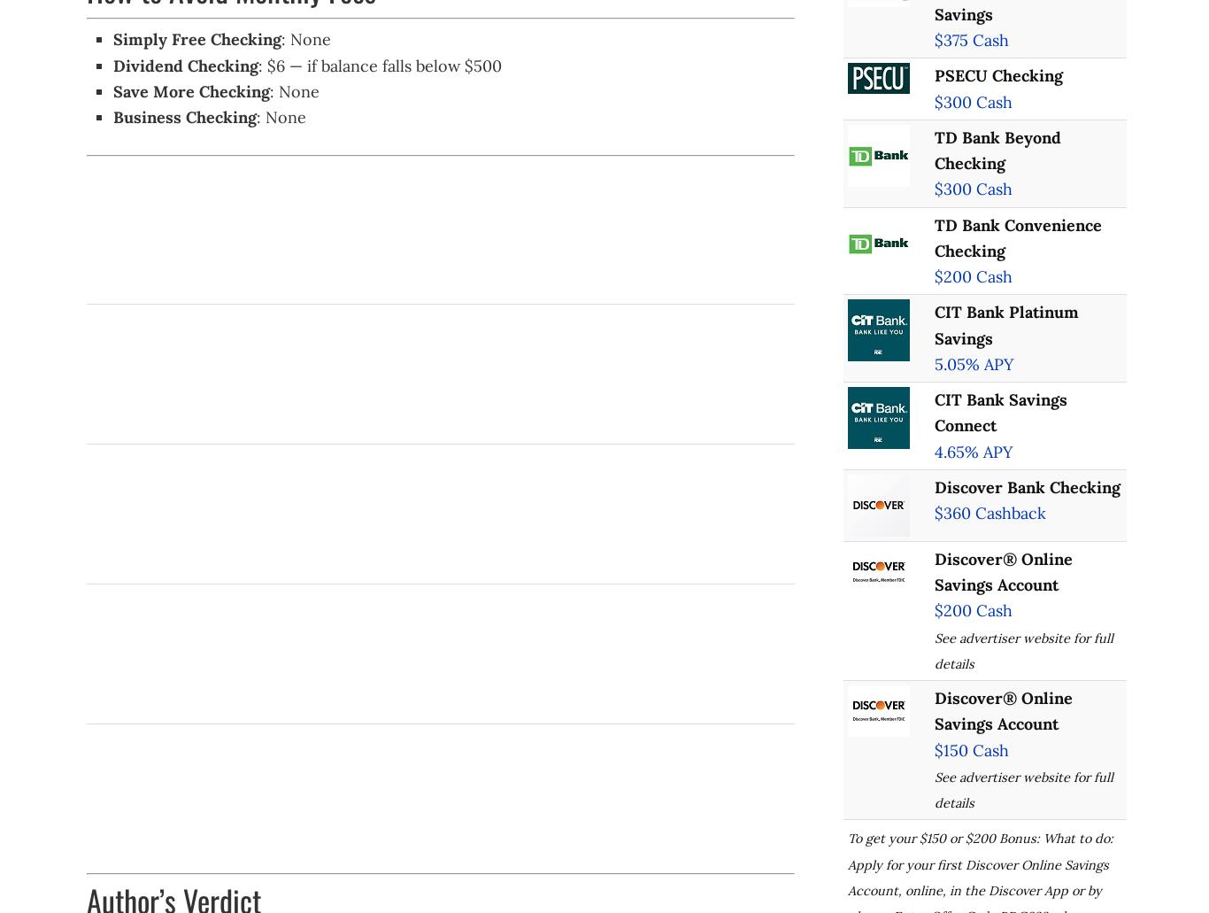 The height and width of the screenshot is (913, 1209). What do you see at coordinates (988, 512) in the screenshot?
I see `'$360 Cashback'` at bounding box center [988, 512].